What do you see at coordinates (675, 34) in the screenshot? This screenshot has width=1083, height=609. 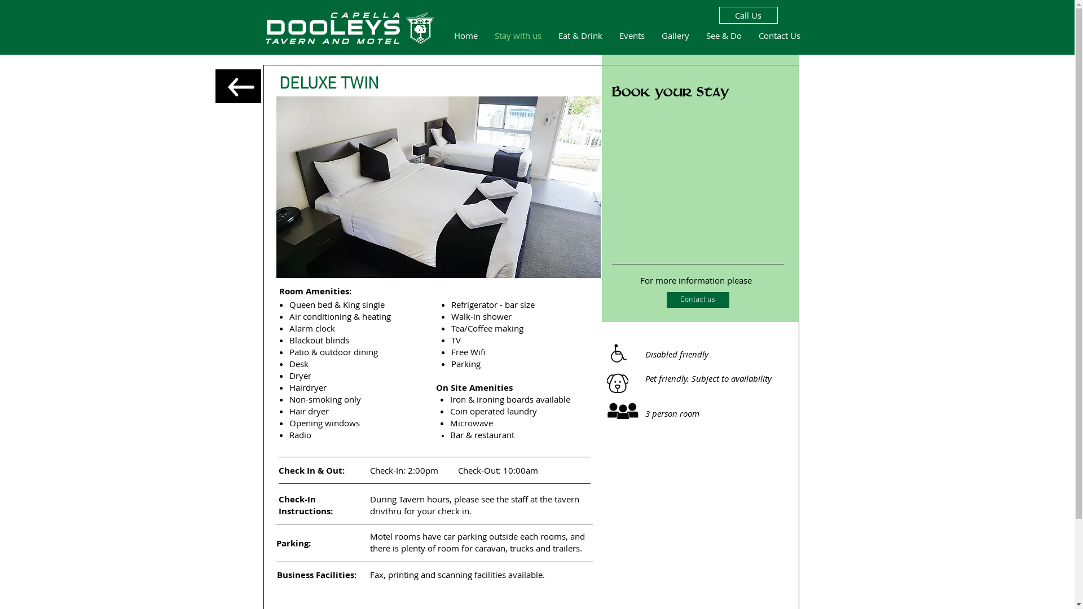 I see `'Gallery'` at bounding box center [675, 34].